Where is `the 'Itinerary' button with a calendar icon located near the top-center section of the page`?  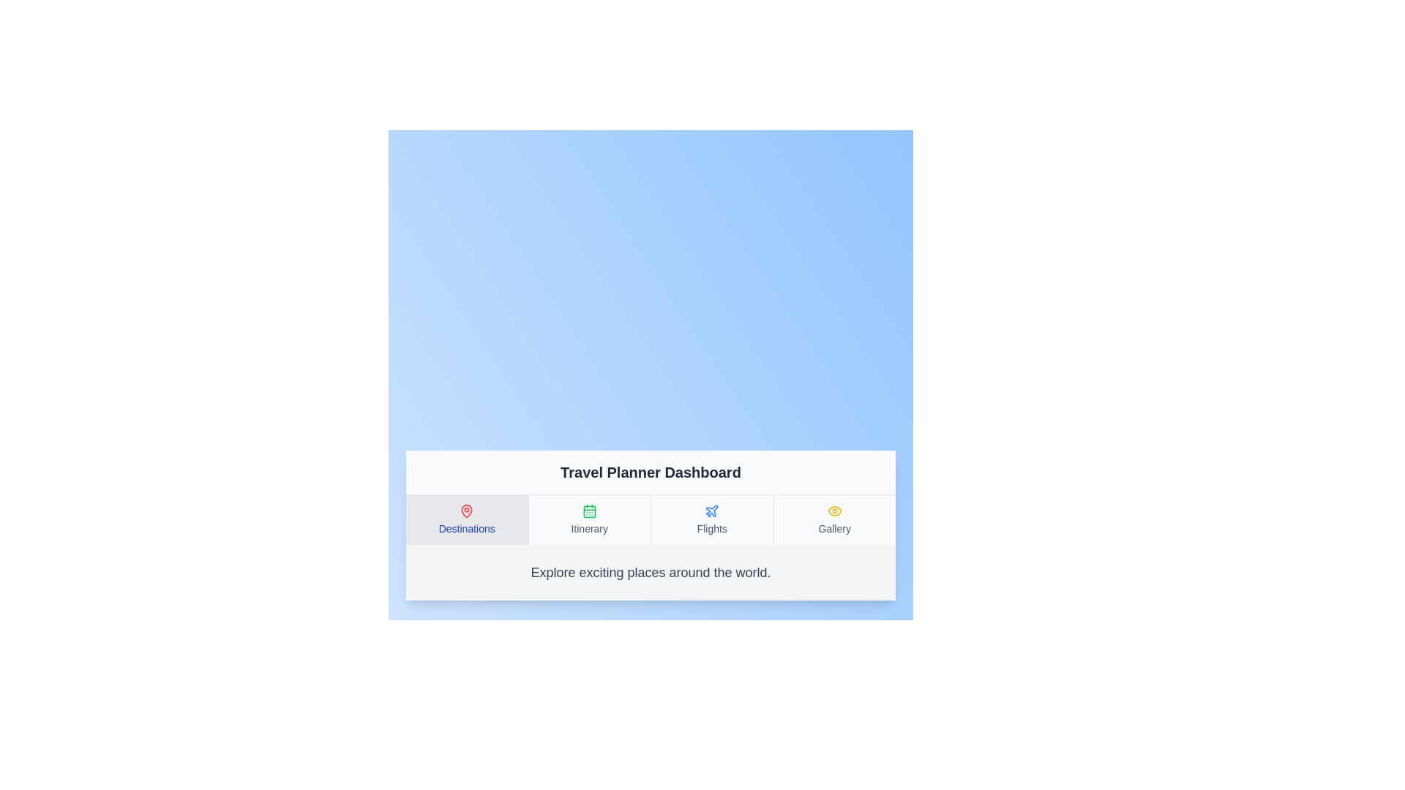
the 'Itinerary' button with a calendar icon located near the top-center section of the page is located at coordinates (589, 519).